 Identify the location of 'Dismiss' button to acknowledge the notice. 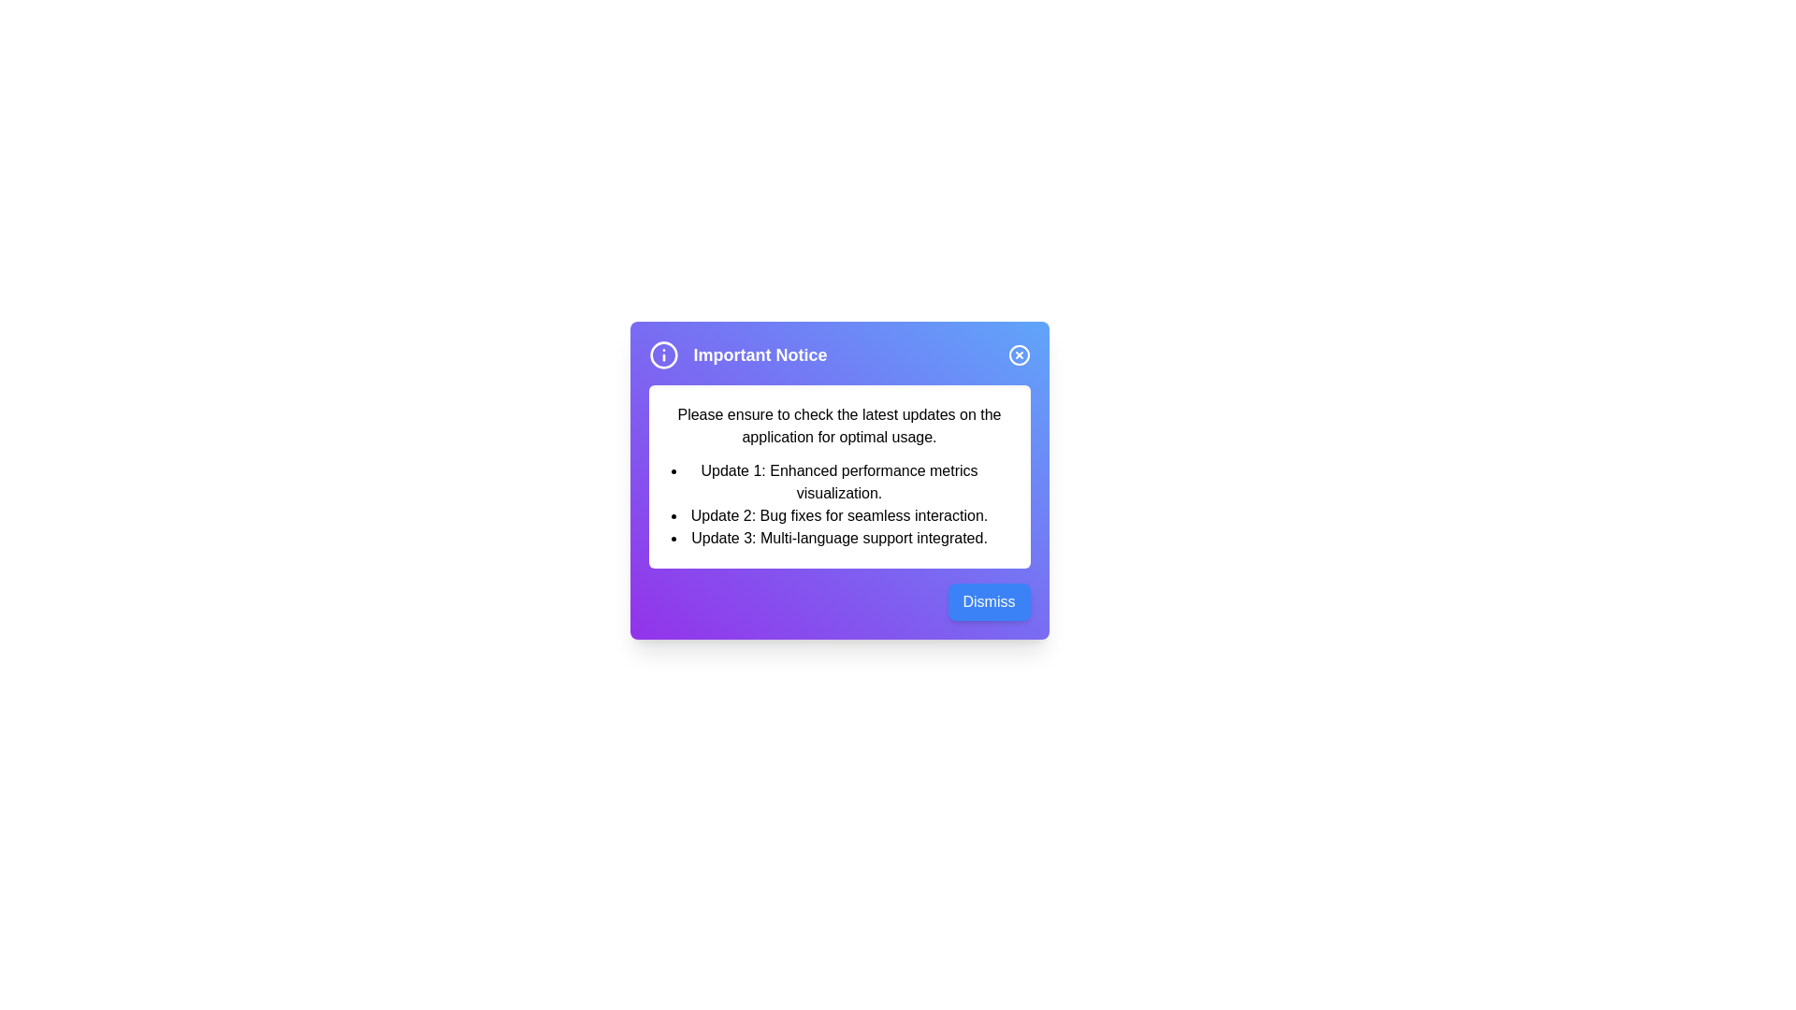
(988, 602).